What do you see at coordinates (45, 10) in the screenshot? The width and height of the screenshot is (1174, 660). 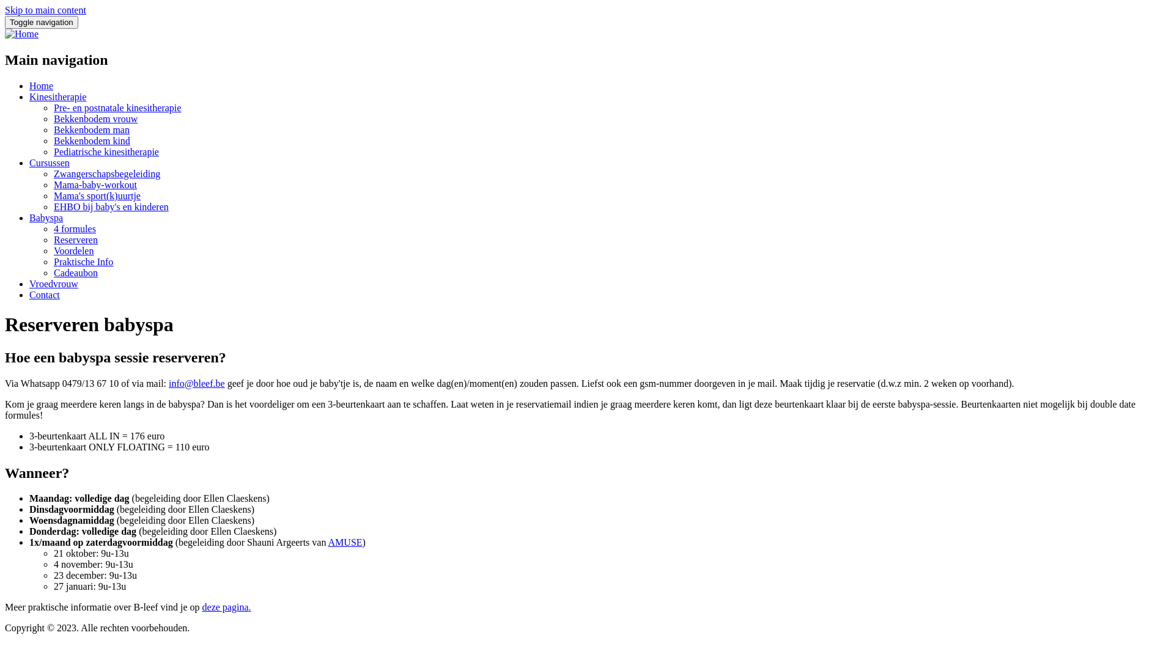 I see `'Skip to main content'` at bounding box center [45, 10].